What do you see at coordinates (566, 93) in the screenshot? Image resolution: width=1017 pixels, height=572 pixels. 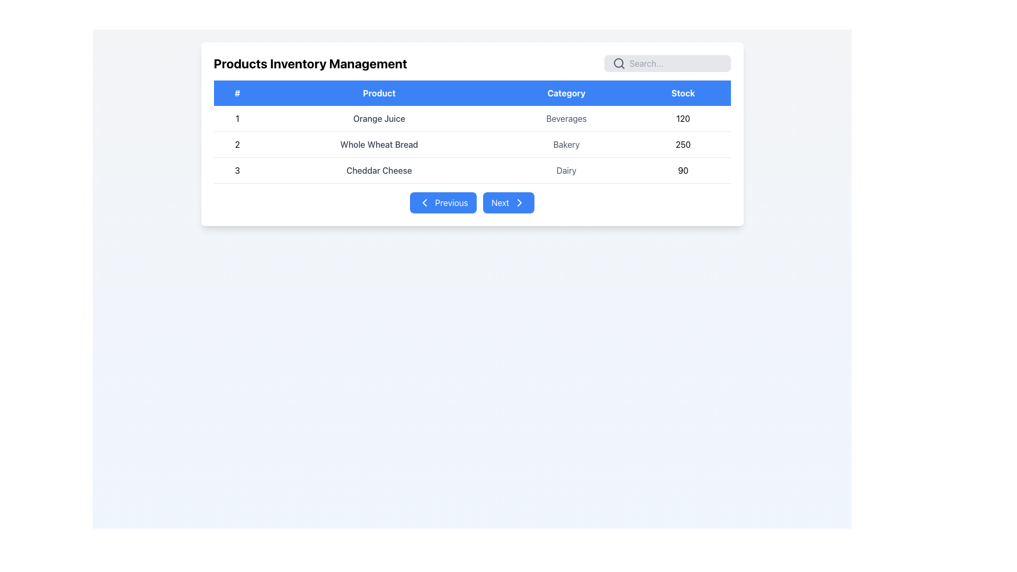 I see `the 'Category' column header cell` at bounding box center [566, 93].